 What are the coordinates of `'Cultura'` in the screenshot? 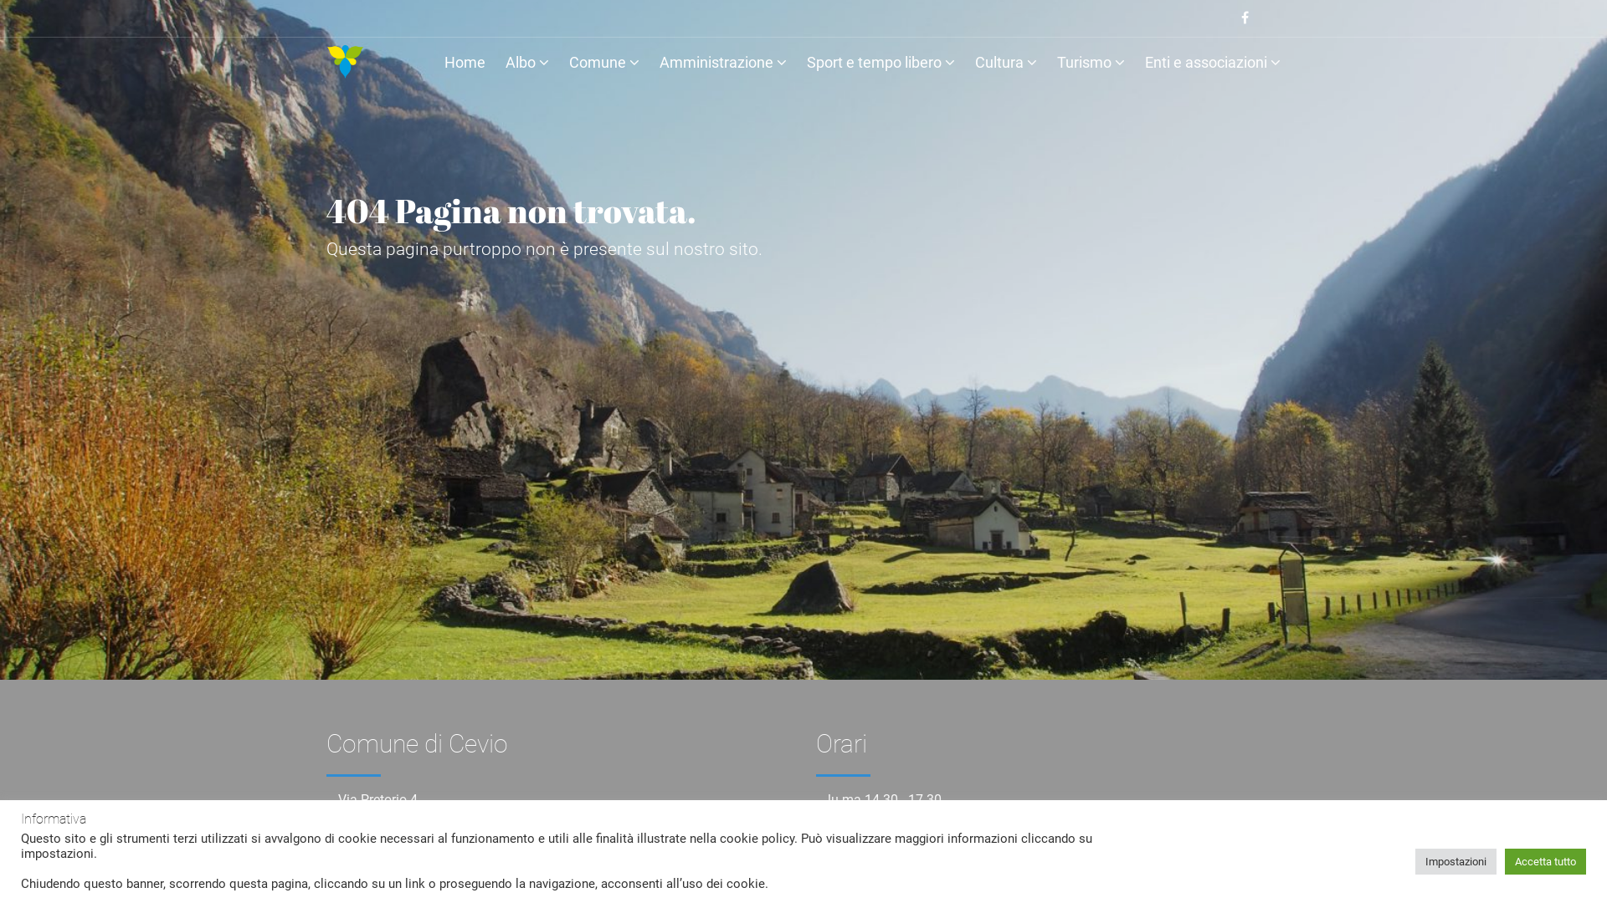 It's located at (1004, 64).